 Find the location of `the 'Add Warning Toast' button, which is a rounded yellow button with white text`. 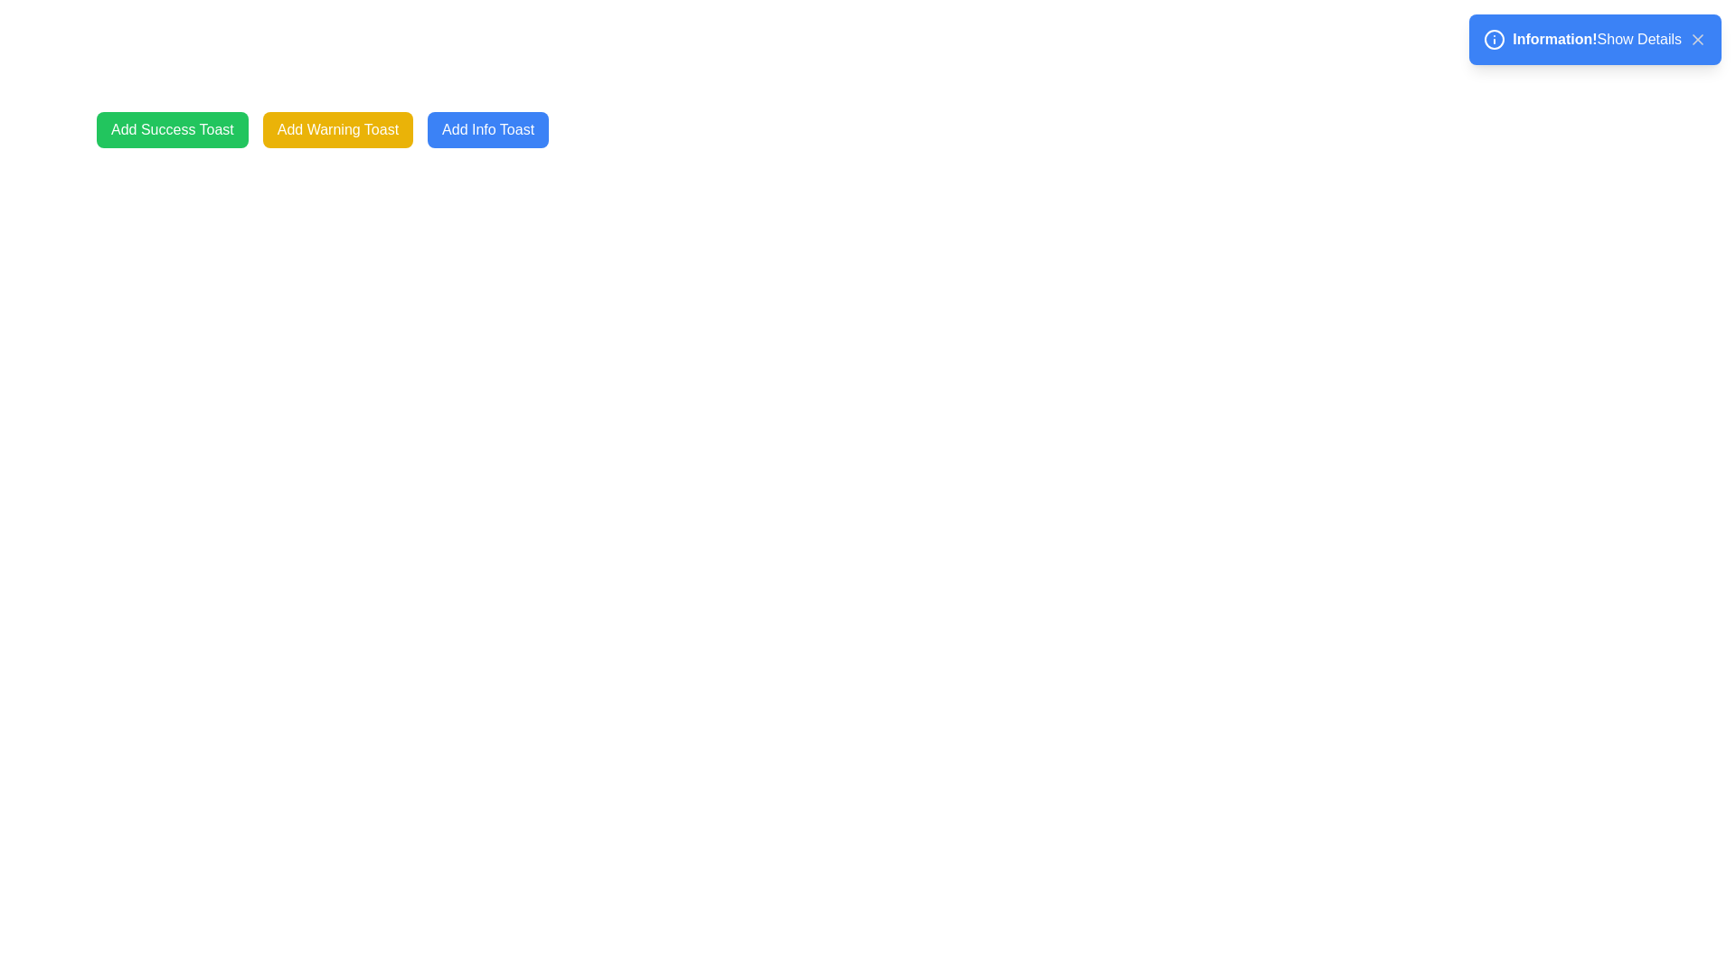

the 'Add Warning Toast' button, which is a rounded yellow button with white text is located at coordinates (338, 128).